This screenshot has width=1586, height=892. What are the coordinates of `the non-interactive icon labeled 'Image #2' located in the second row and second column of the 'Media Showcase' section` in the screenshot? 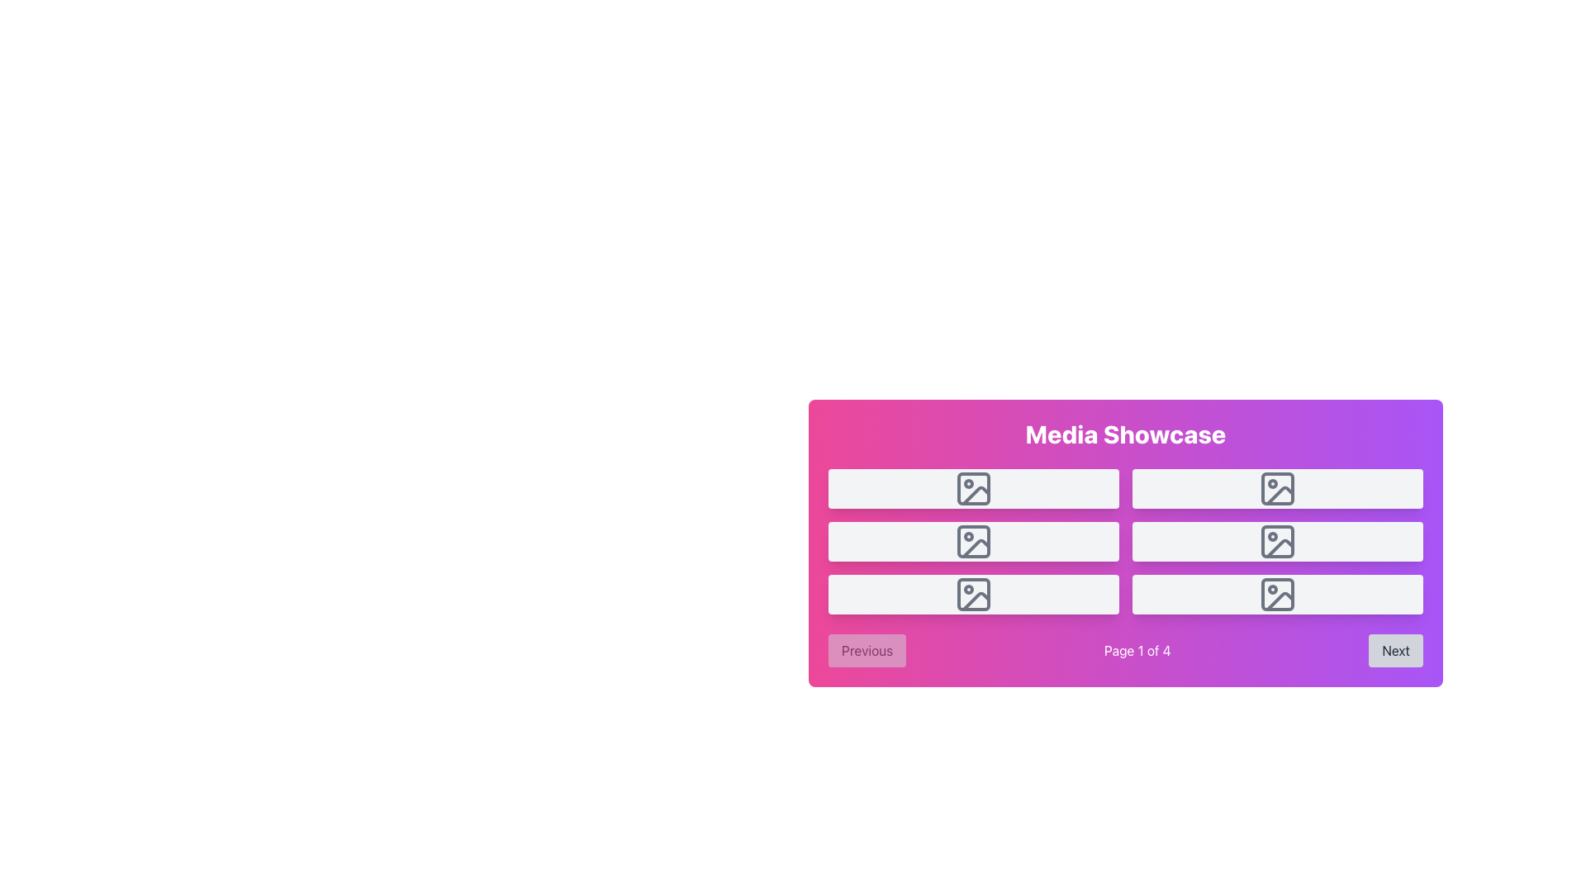 It's located at (1276, 487).